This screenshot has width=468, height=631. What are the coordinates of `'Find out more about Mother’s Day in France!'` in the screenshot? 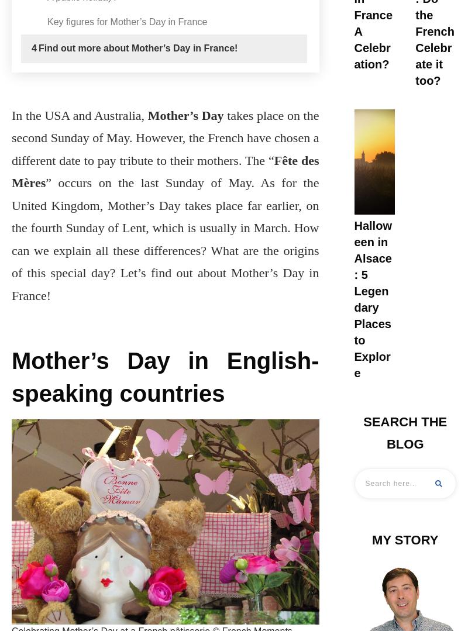 It's located at (137, 47).